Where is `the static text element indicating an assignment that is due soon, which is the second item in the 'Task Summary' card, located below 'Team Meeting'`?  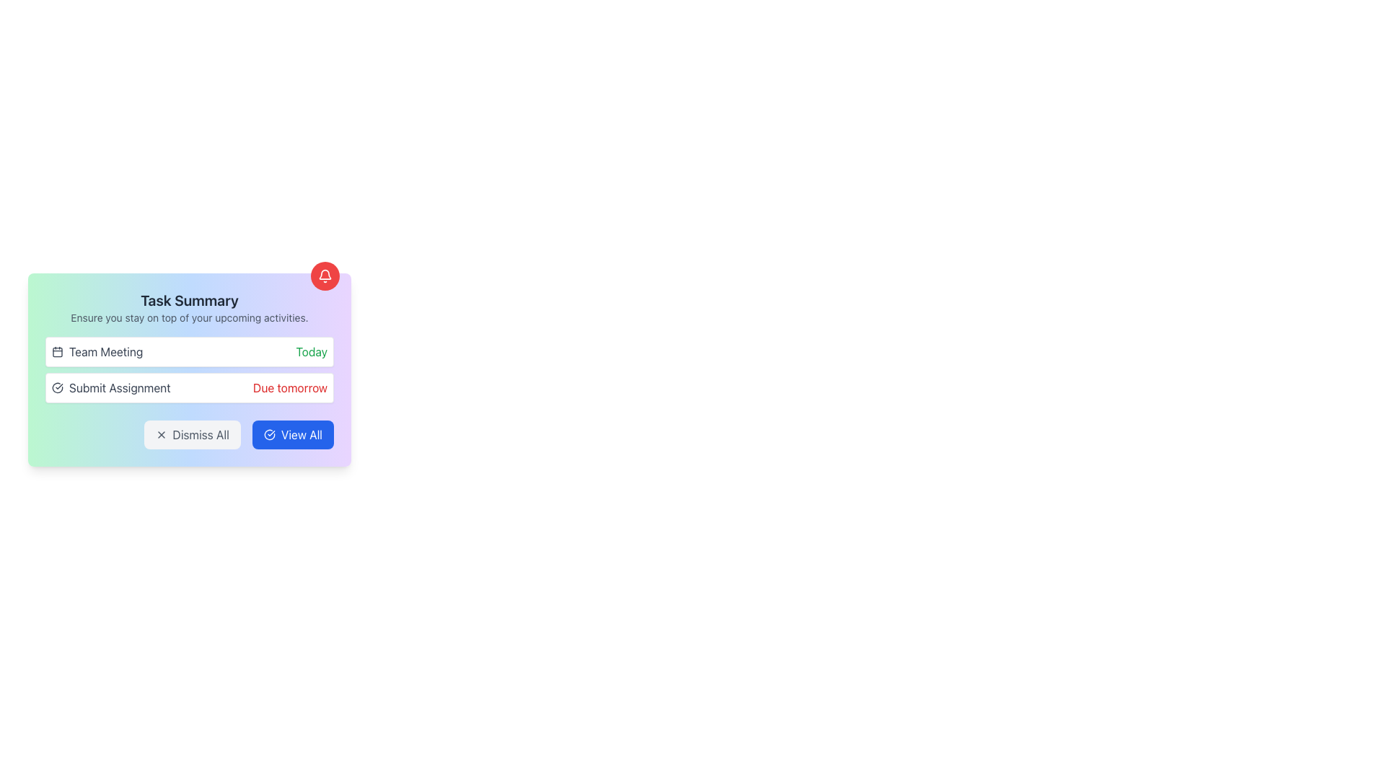
the static text element indicating an assignment that is due soon, which is the second item in the 'Task Summary' card, located below 'Team Meeting' is located at coordinates (110, 387).